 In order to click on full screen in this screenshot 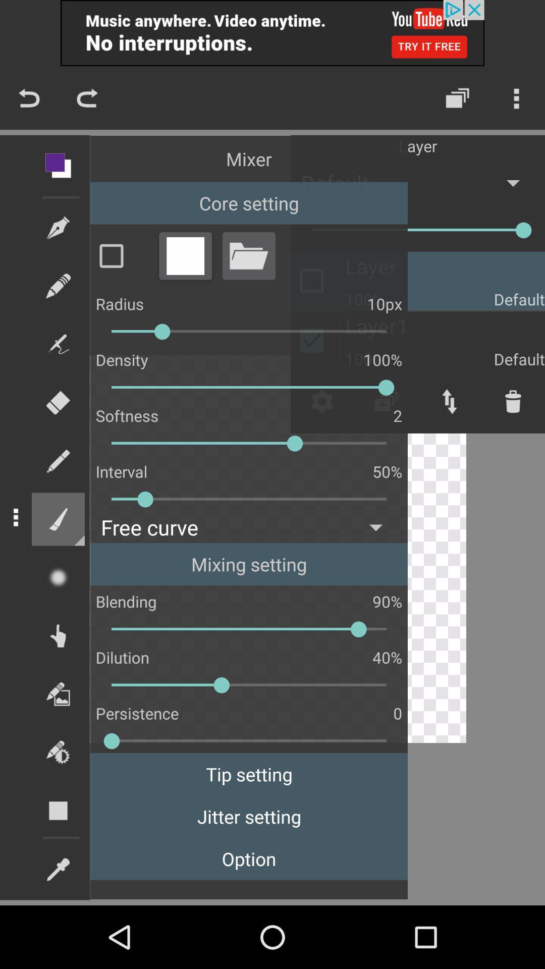, I will do `click(185, 255)`.